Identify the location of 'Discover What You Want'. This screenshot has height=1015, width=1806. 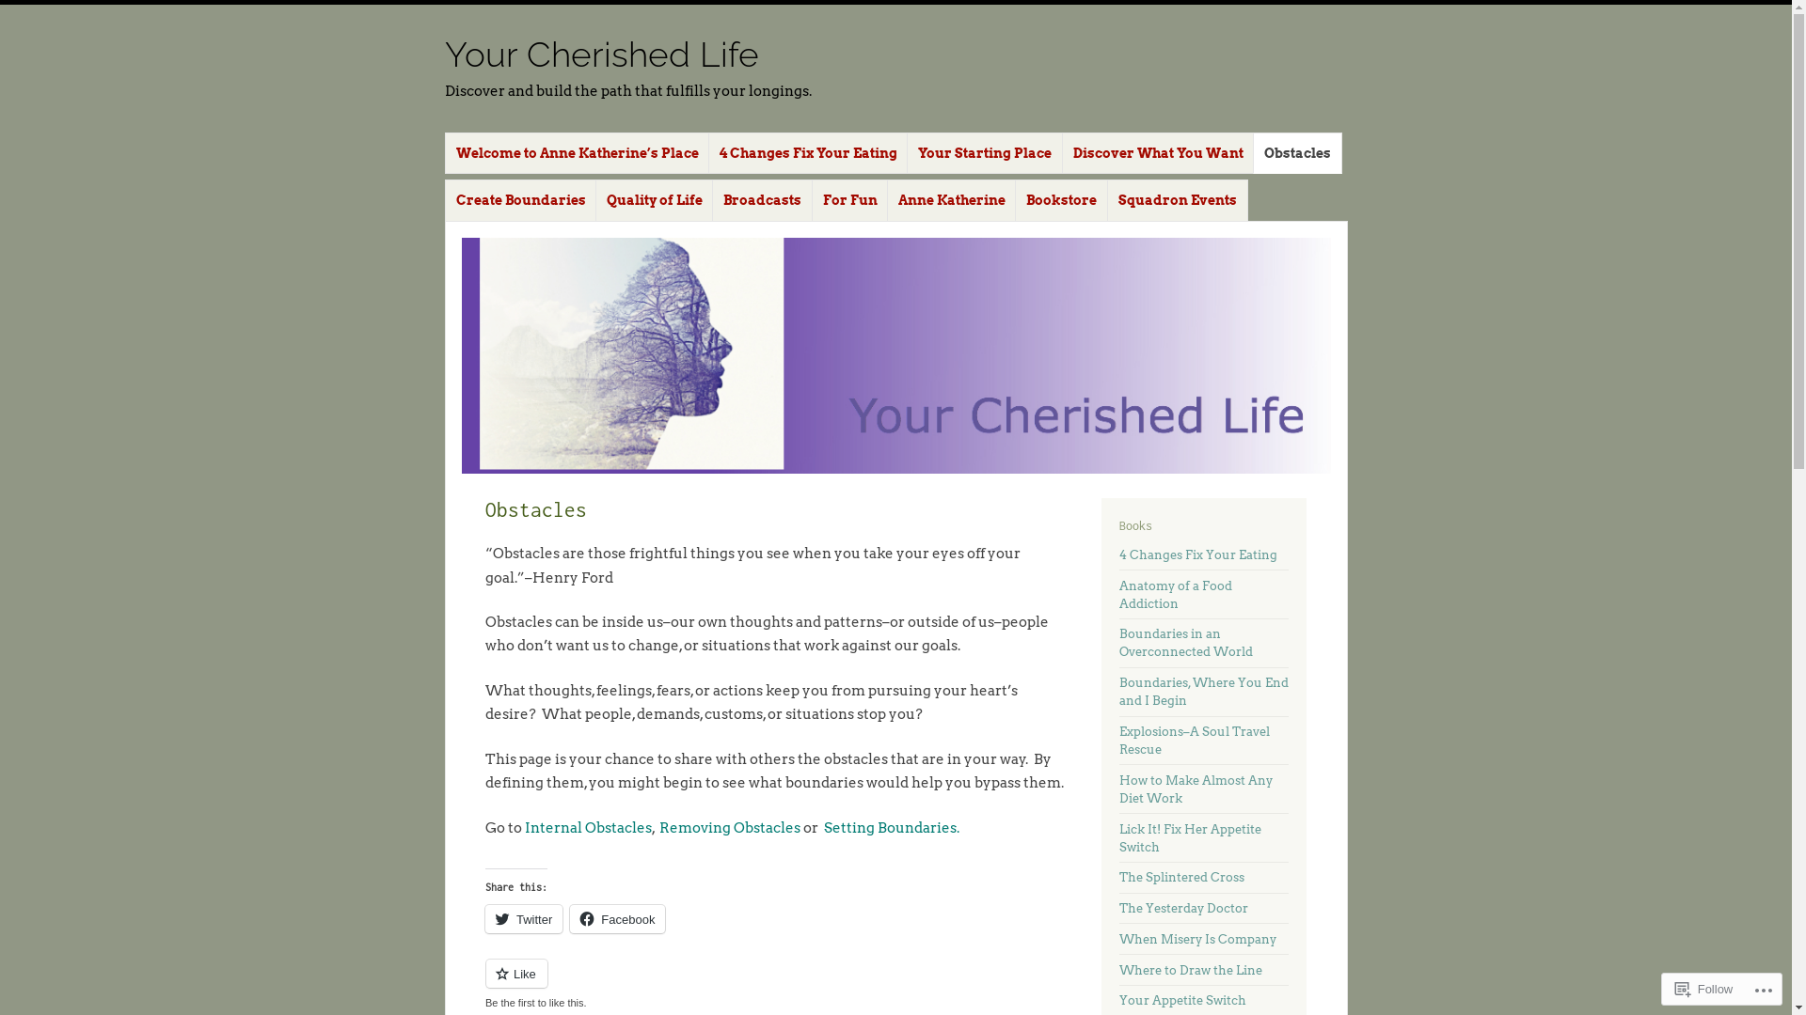
(1061, 152).